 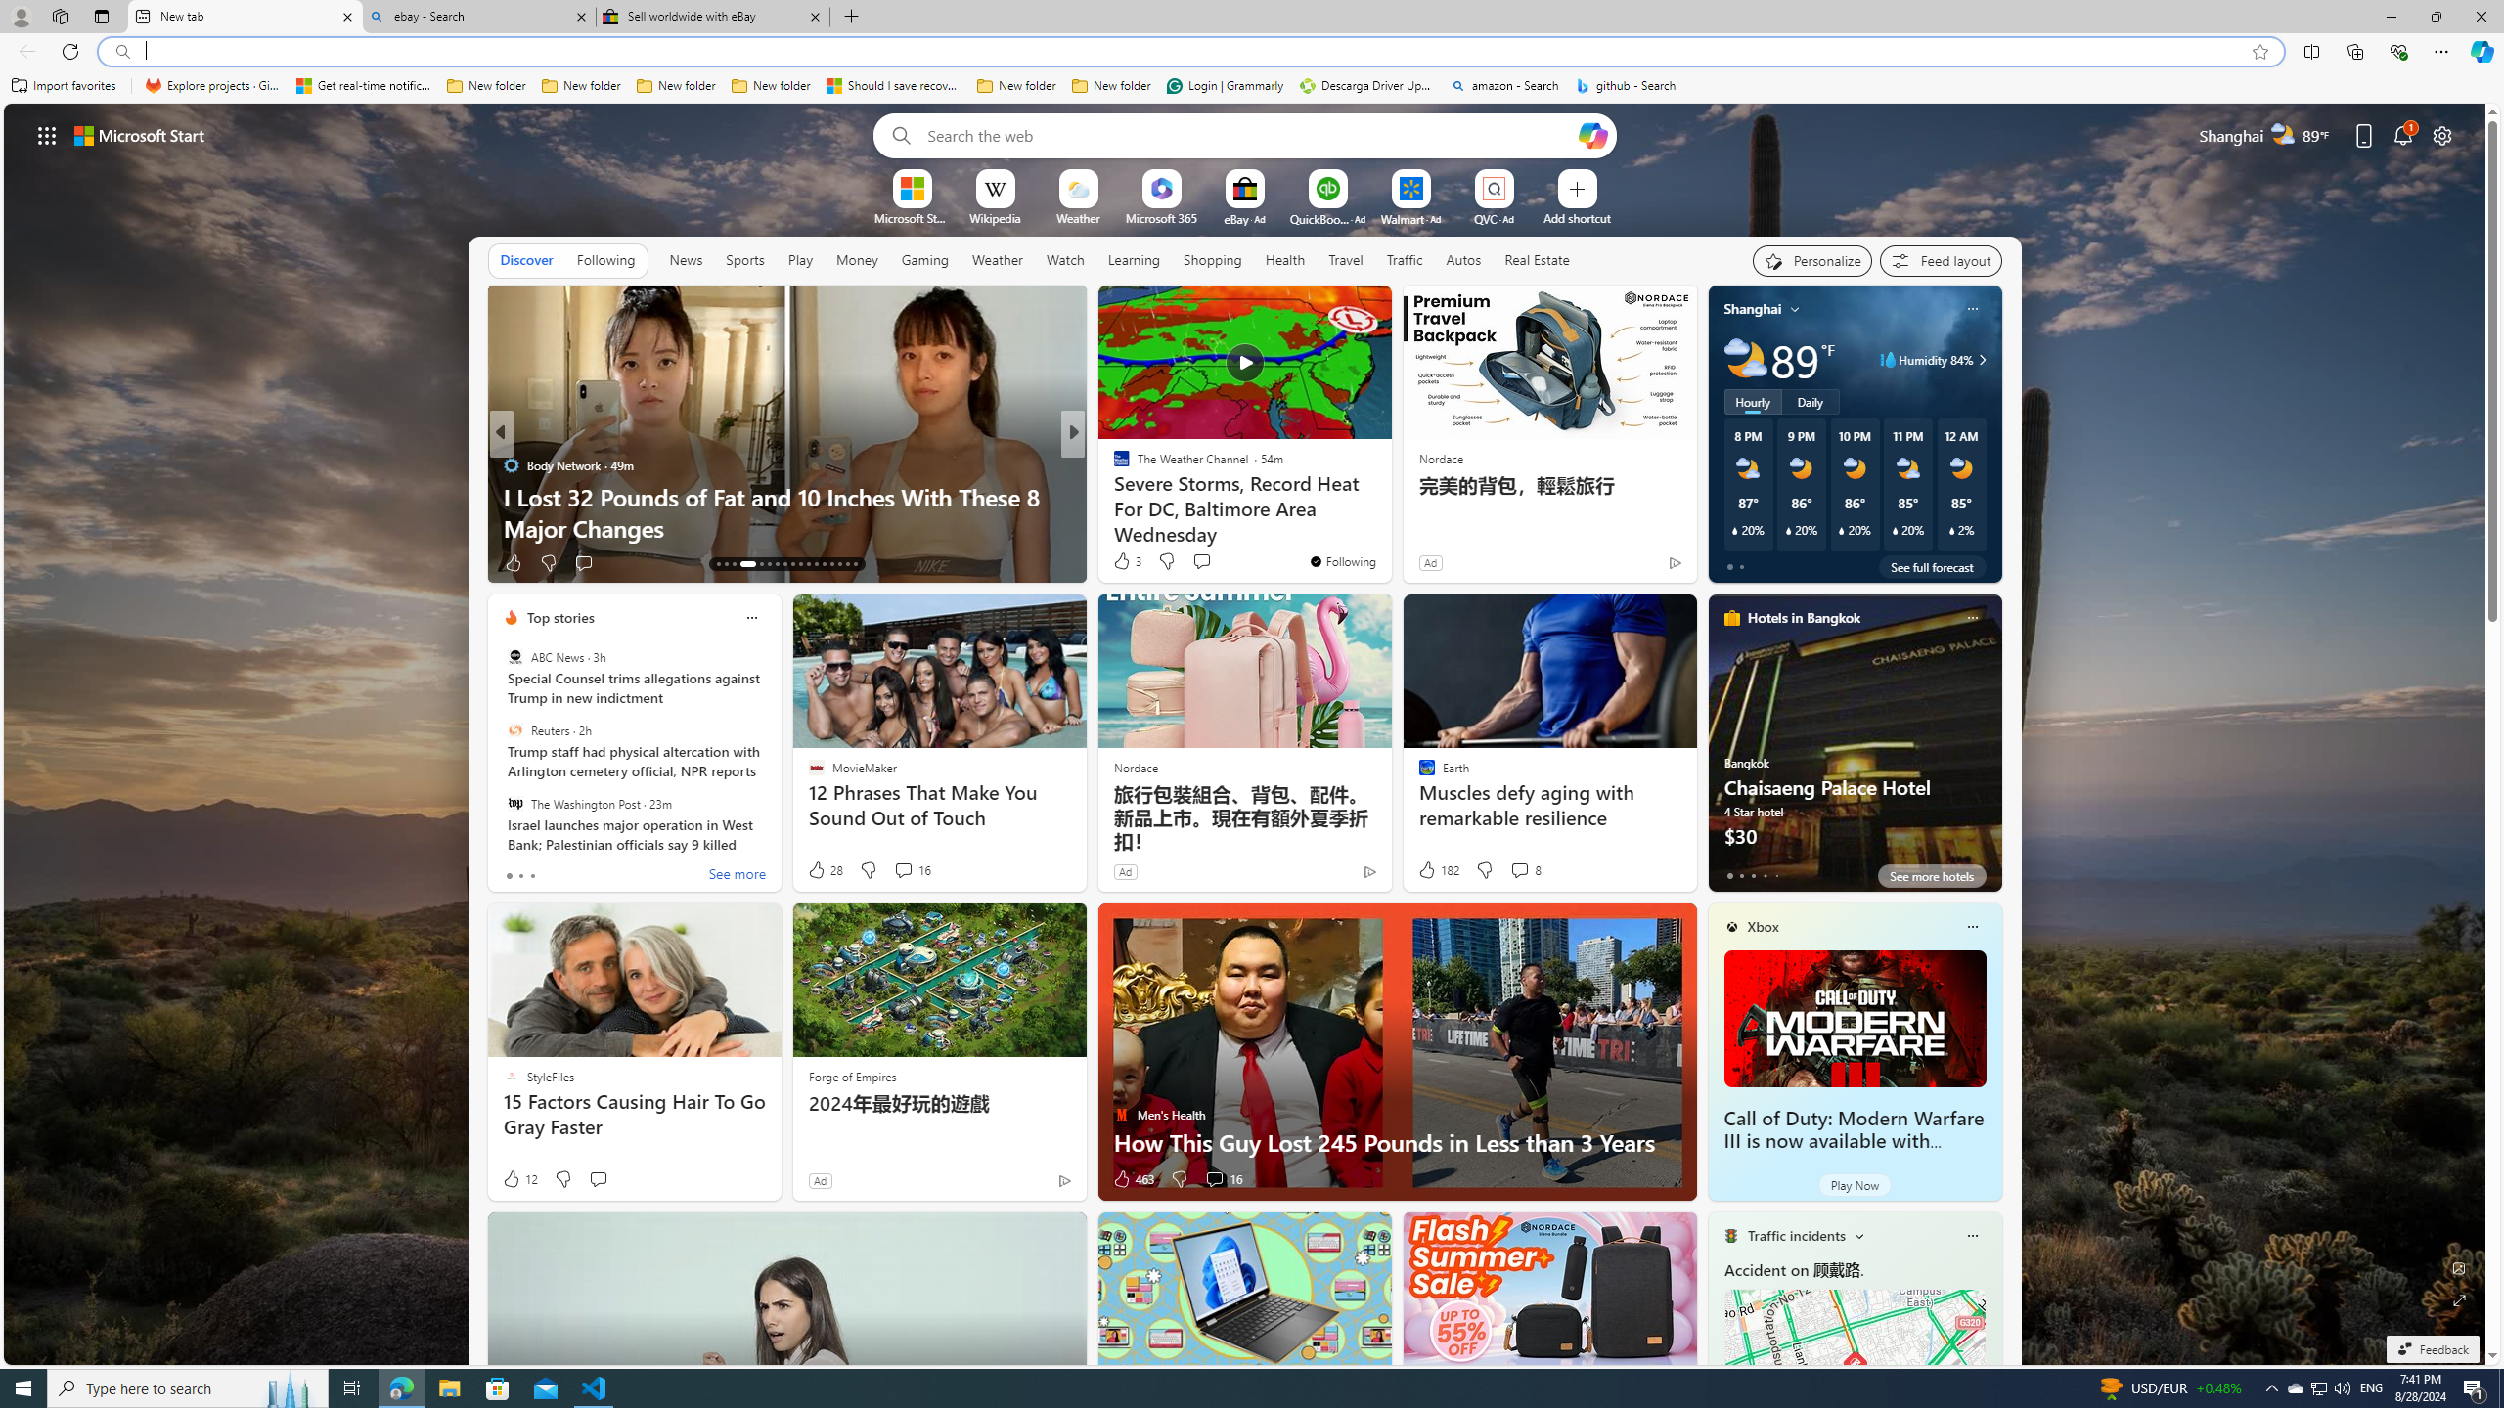 What do you see at coordinates (1366, 85) in the screenshot?
I see `'Descarga Driver Updater'` at bounding box center [1366, 85].